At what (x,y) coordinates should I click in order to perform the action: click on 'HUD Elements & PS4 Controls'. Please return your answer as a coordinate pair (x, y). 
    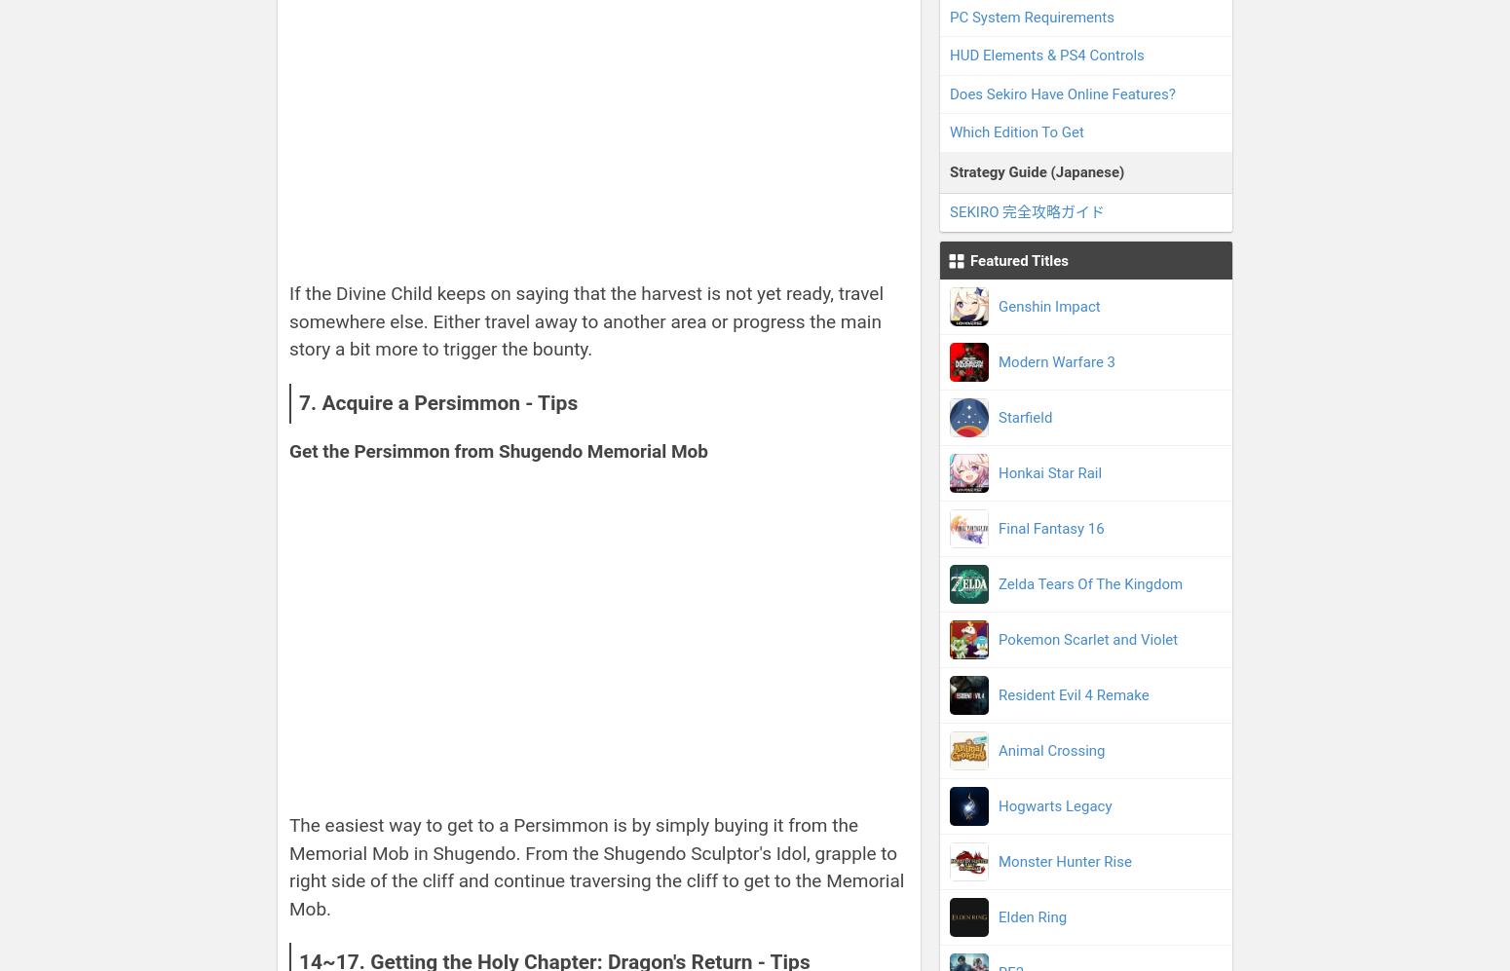
    Looking at the image, I should click on (948, 55).